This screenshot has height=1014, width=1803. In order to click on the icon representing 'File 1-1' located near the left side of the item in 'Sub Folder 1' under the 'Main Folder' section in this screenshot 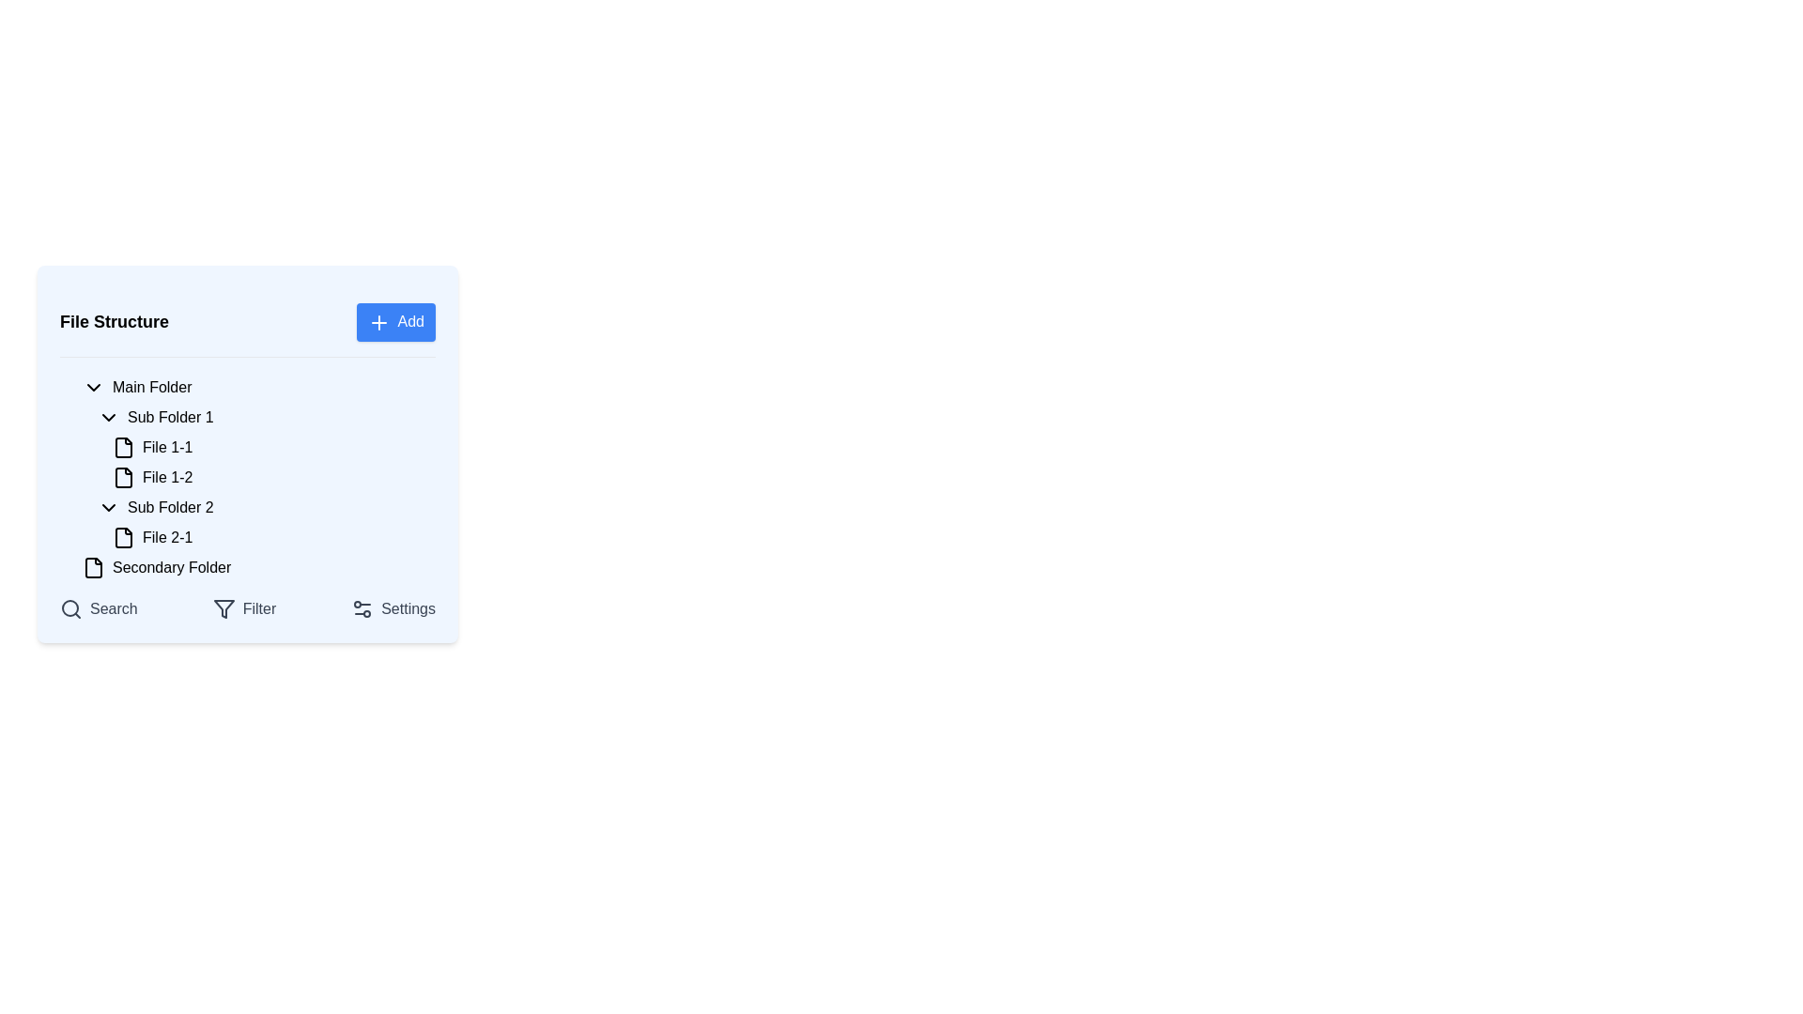, I will do `click(123, 446)`.